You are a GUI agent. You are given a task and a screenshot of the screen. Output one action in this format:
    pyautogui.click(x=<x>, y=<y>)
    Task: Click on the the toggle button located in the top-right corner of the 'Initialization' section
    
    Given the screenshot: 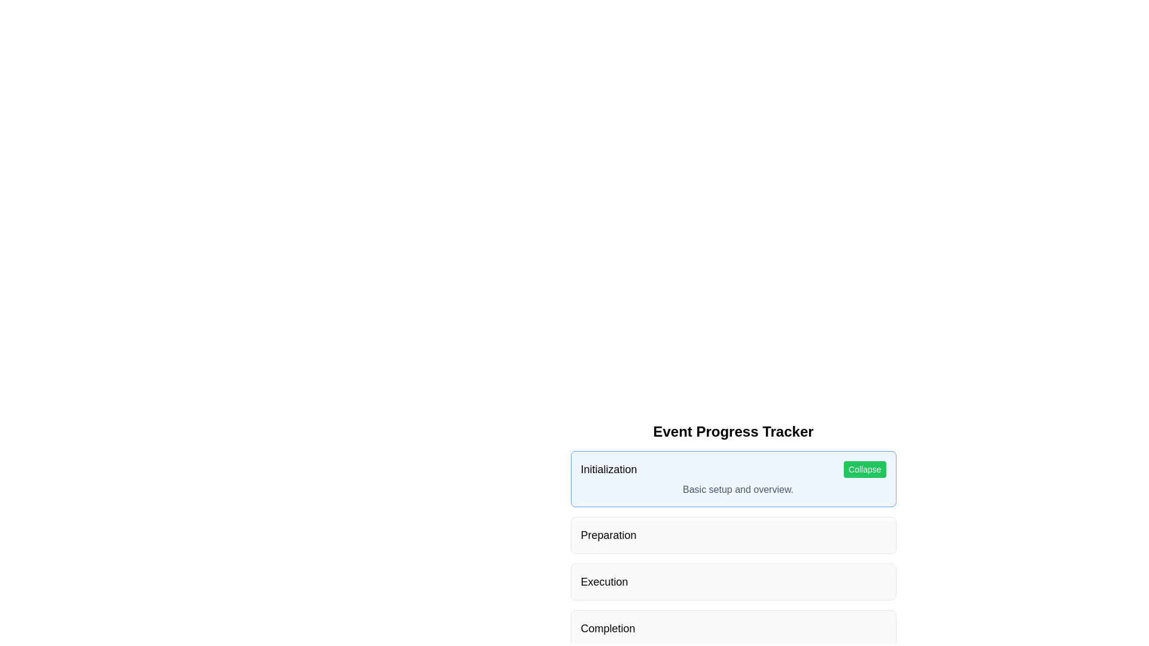 What is the action you would take?
    pyautogui.click(x=864, y=469)
    